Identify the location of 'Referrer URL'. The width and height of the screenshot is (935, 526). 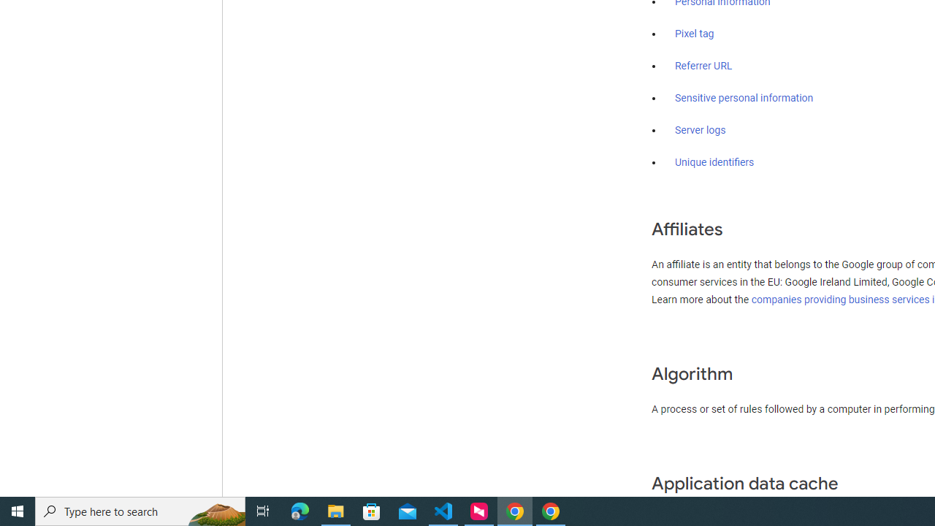
(703, 66).